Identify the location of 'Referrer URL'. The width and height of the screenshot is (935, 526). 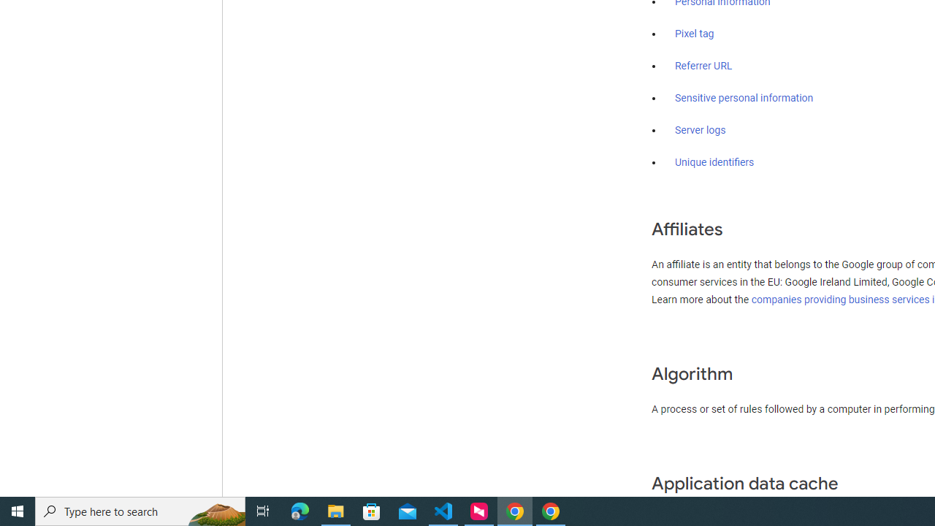
(703, 66).